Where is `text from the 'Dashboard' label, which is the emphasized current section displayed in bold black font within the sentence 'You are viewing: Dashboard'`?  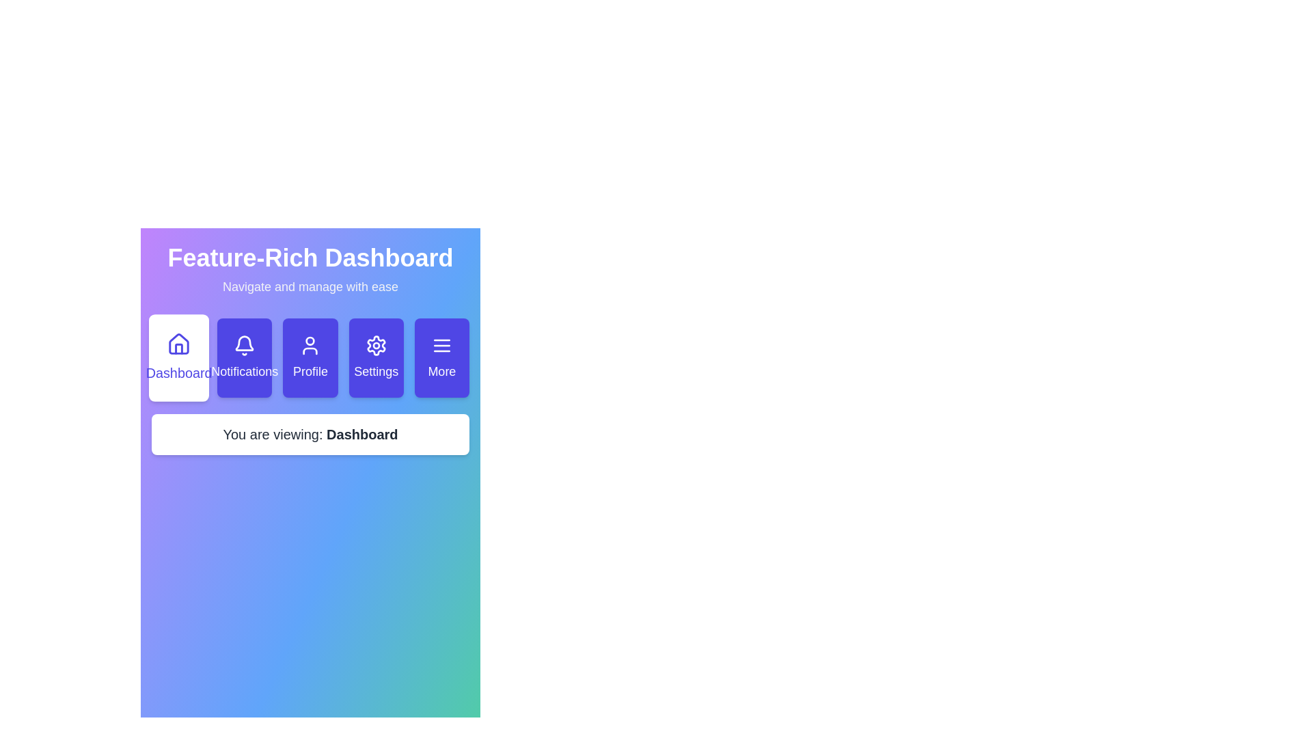 text from the 'Dashboard' label, which is the emphasized current section displayed in bold black font within the sentence 'You are viewing: Dashboard' is located at coordinates (362, 435).